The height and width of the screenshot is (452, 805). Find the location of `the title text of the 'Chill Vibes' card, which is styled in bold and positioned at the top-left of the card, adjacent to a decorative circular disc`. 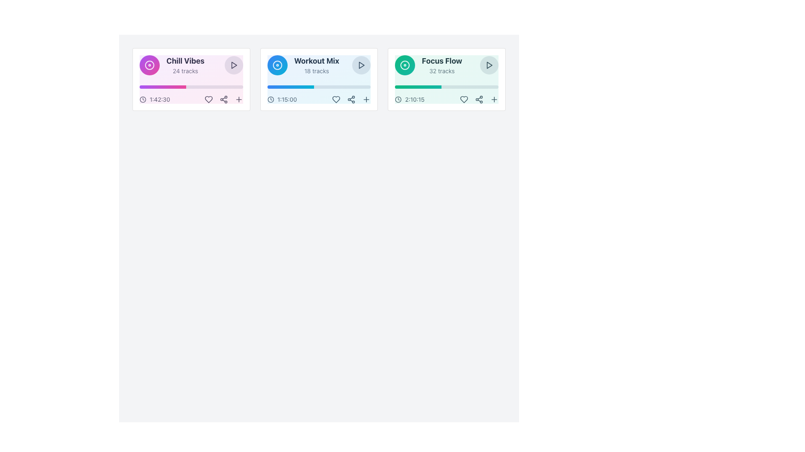

the title text of the 'Chill Vibes' card, which is styled in bold and positioned at the top-left of the card, adjacent to a decorative circular disc is located at coordinates (171, 64).